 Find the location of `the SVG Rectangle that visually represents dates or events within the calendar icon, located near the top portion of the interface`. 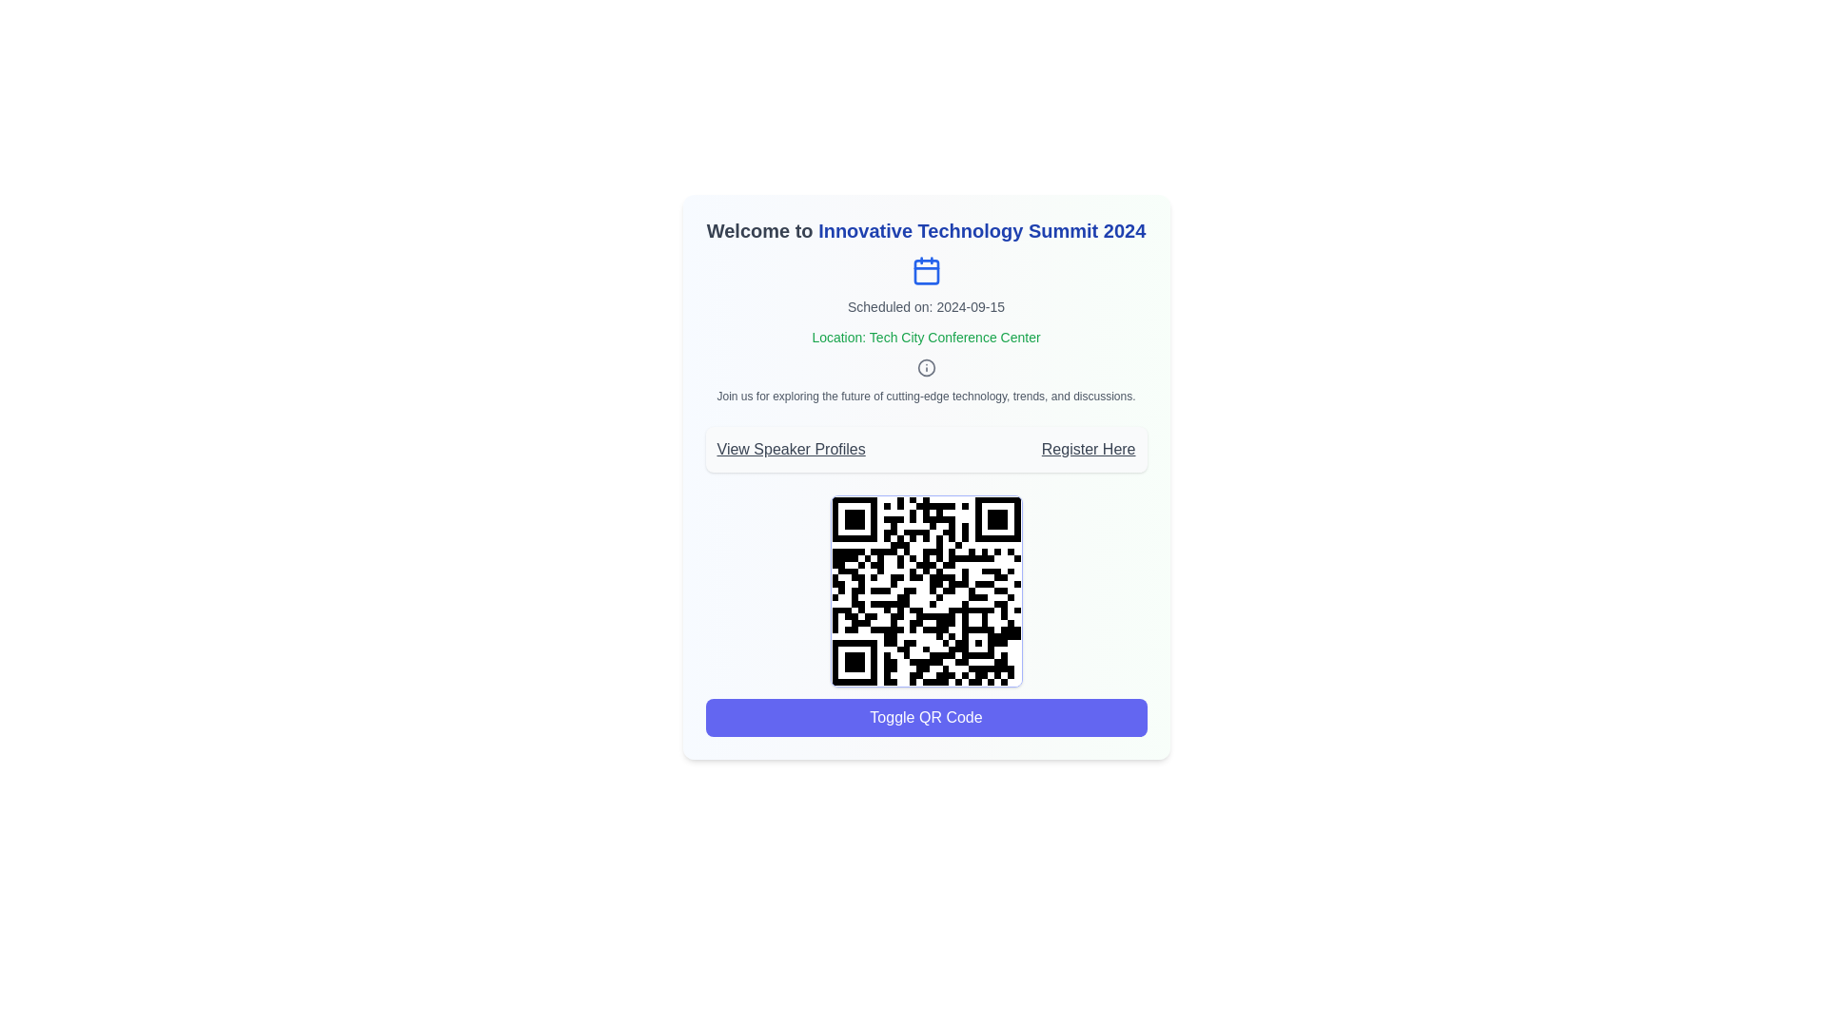

the SVG Rectangle that visually represents dates or events within the calendar icon, located near the top portion of the interface is located at coordinates (926, 272).